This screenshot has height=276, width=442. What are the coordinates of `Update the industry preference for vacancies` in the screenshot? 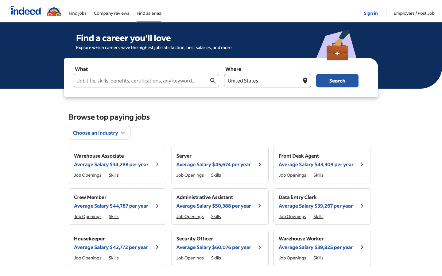 It's located at (100, 132).